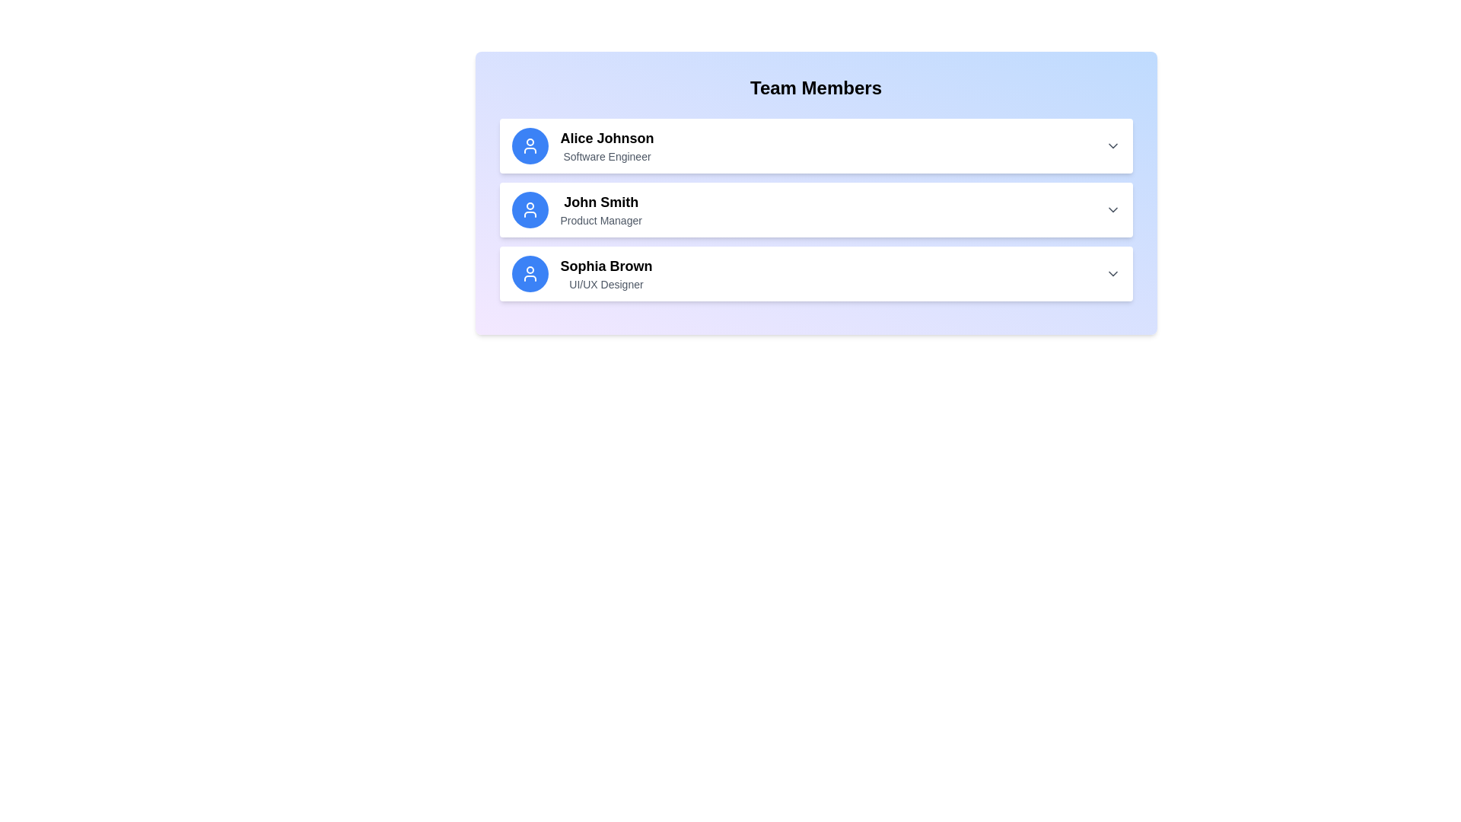  I want to click on the text label displaying the name of a team member, which is located in the second row of a vertically stacked list, centered horizontally and positioned above 'Product Manager', so click(600, 202).